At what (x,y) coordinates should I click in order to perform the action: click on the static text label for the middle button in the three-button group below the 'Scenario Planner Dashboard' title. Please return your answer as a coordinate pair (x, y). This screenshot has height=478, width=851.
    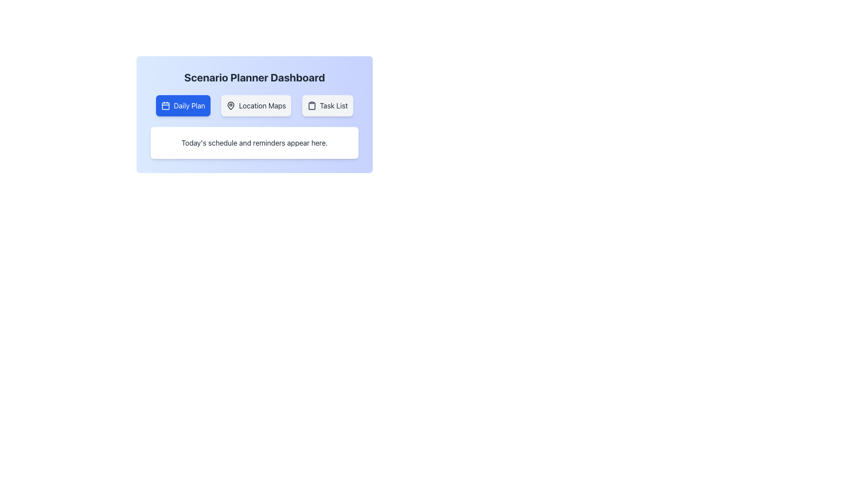
    Looking at the image, I should click on (262, 105).